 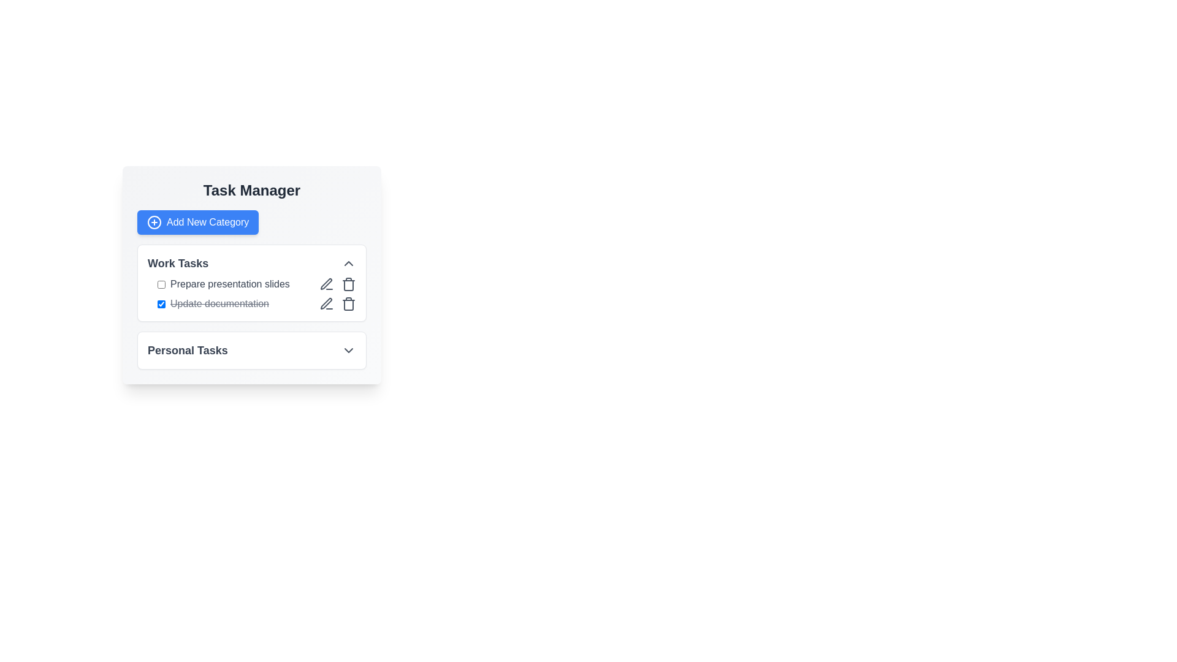 What do you see at coordinates (348, 303) in the screenshot?
I see `the trash can icon` at bounding box center [348, 303].